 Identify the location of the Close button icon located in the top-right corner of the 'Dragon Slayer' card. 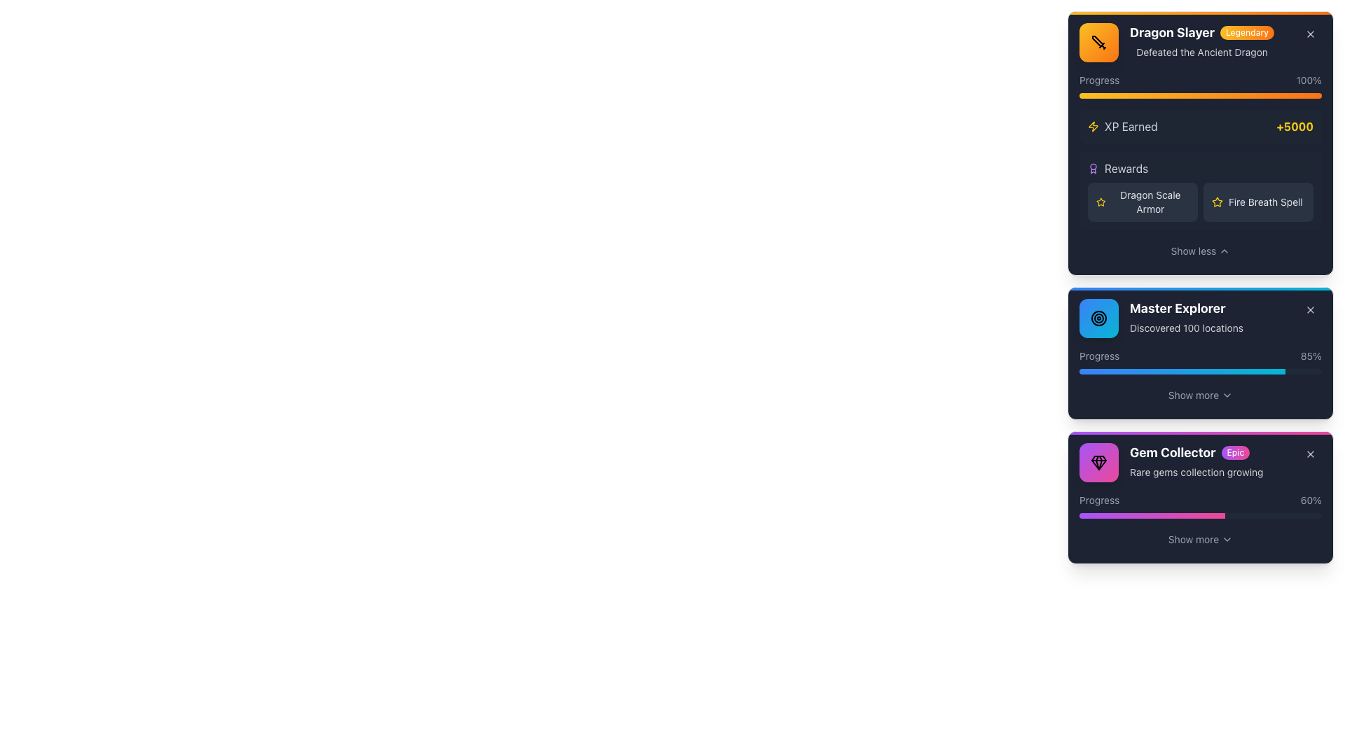
(1310, 34).